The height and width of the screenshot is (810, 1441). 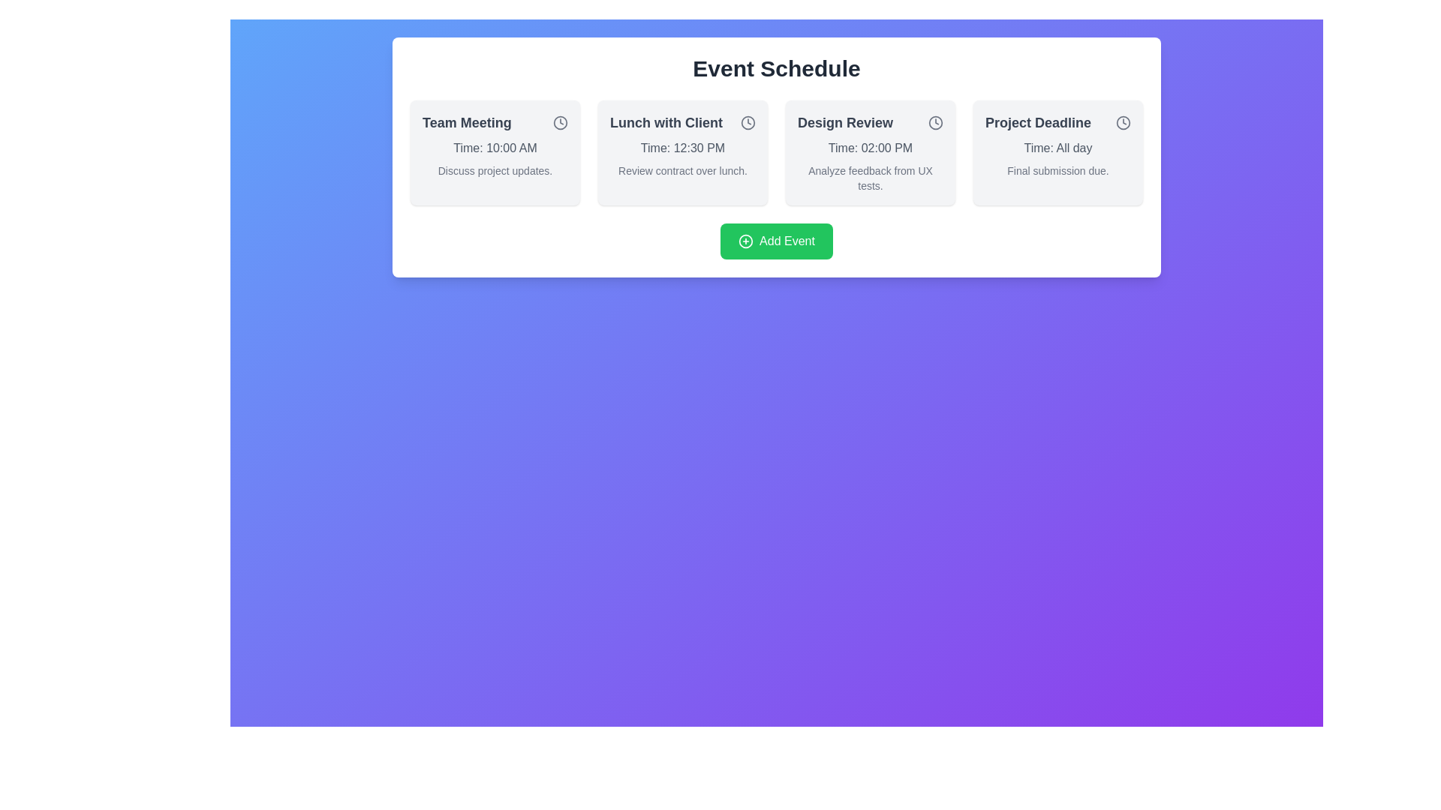 I want to click on the Clock icon, which is a distinct SVG graphic with a circular border located at the top-right corner of the 'Team Meeting' card, so click(x=560, y=122).